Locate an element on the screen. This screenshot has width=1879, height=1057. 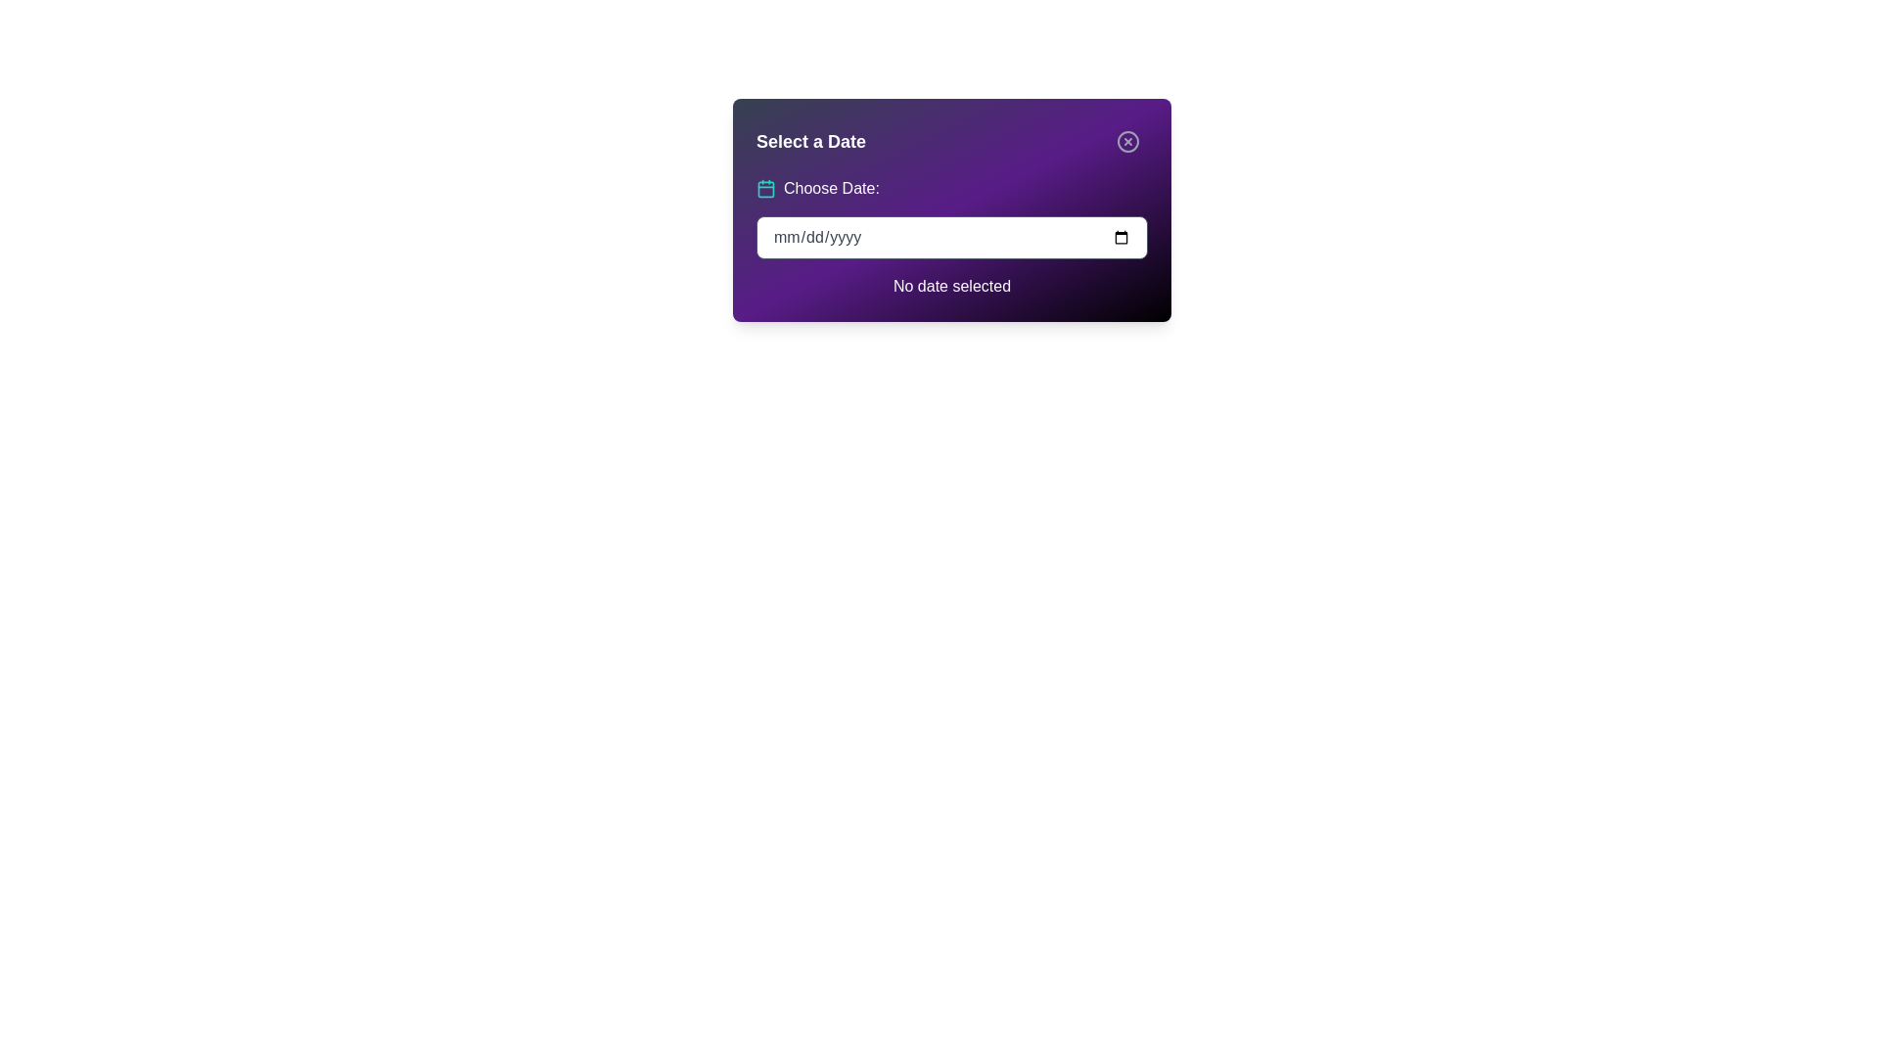
the 'Close' button located in the upper-right corner of the modal with a purple background to observe a style change is located at coordinates (1127, 141).